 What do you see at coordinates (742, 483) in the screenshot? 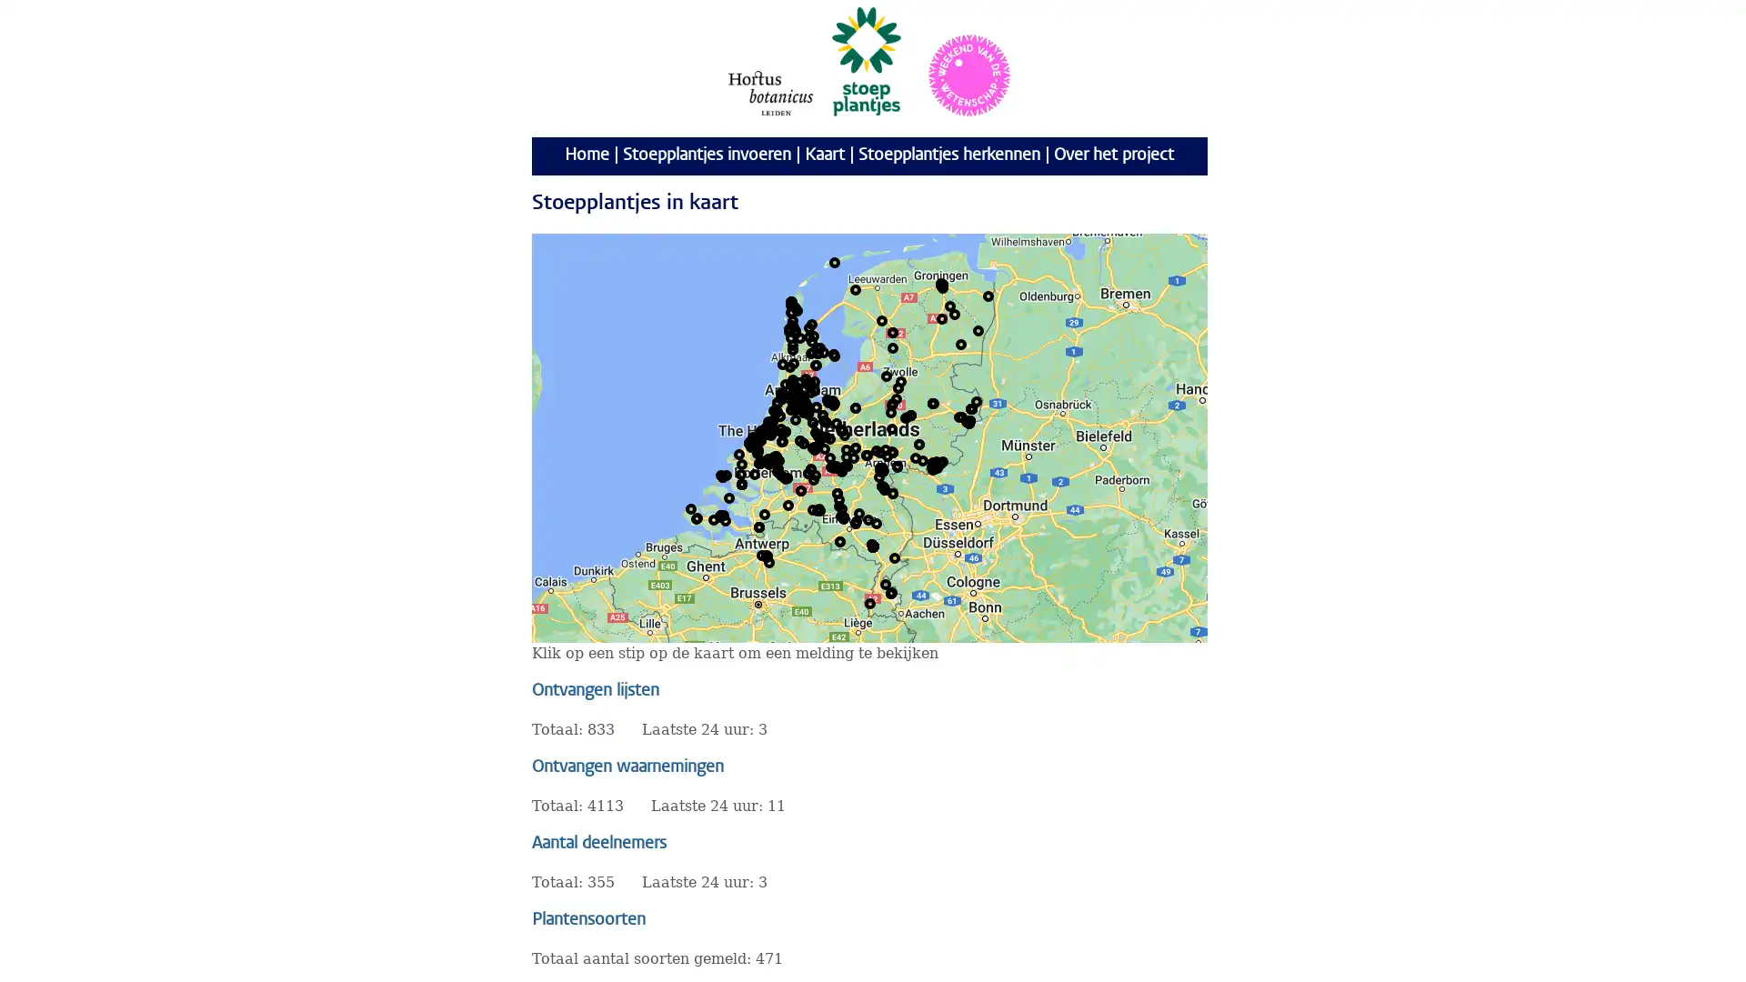
I see `Telling van Remon op 03 juni 2022` at bounding box center [742, 483].